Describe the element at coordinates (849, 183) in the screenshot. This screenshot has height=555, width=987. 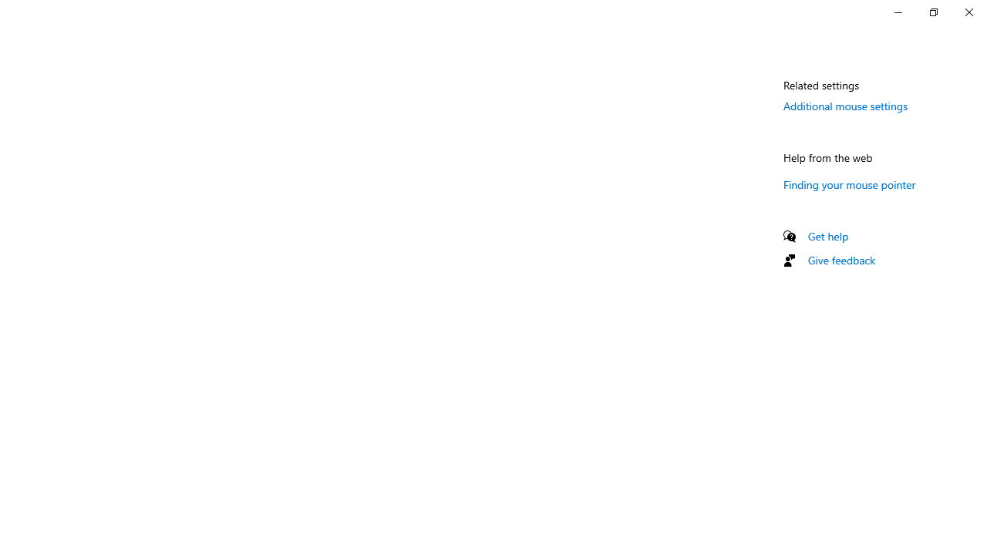
I see `'Finding your mouse pointer'` at that location.